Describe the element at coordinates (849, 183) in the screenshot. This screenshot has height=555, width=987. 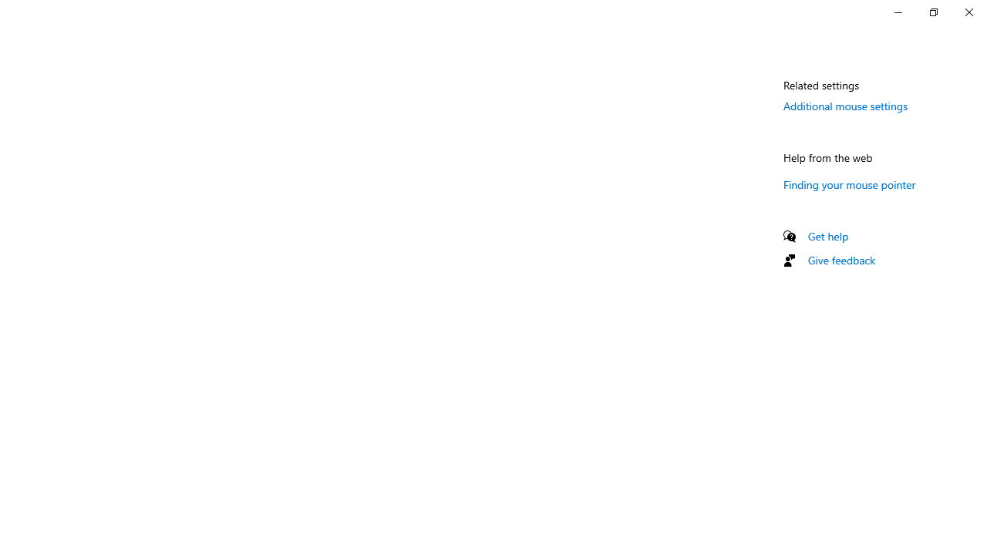
I see `'Finding your mouse pointer'` at that location.